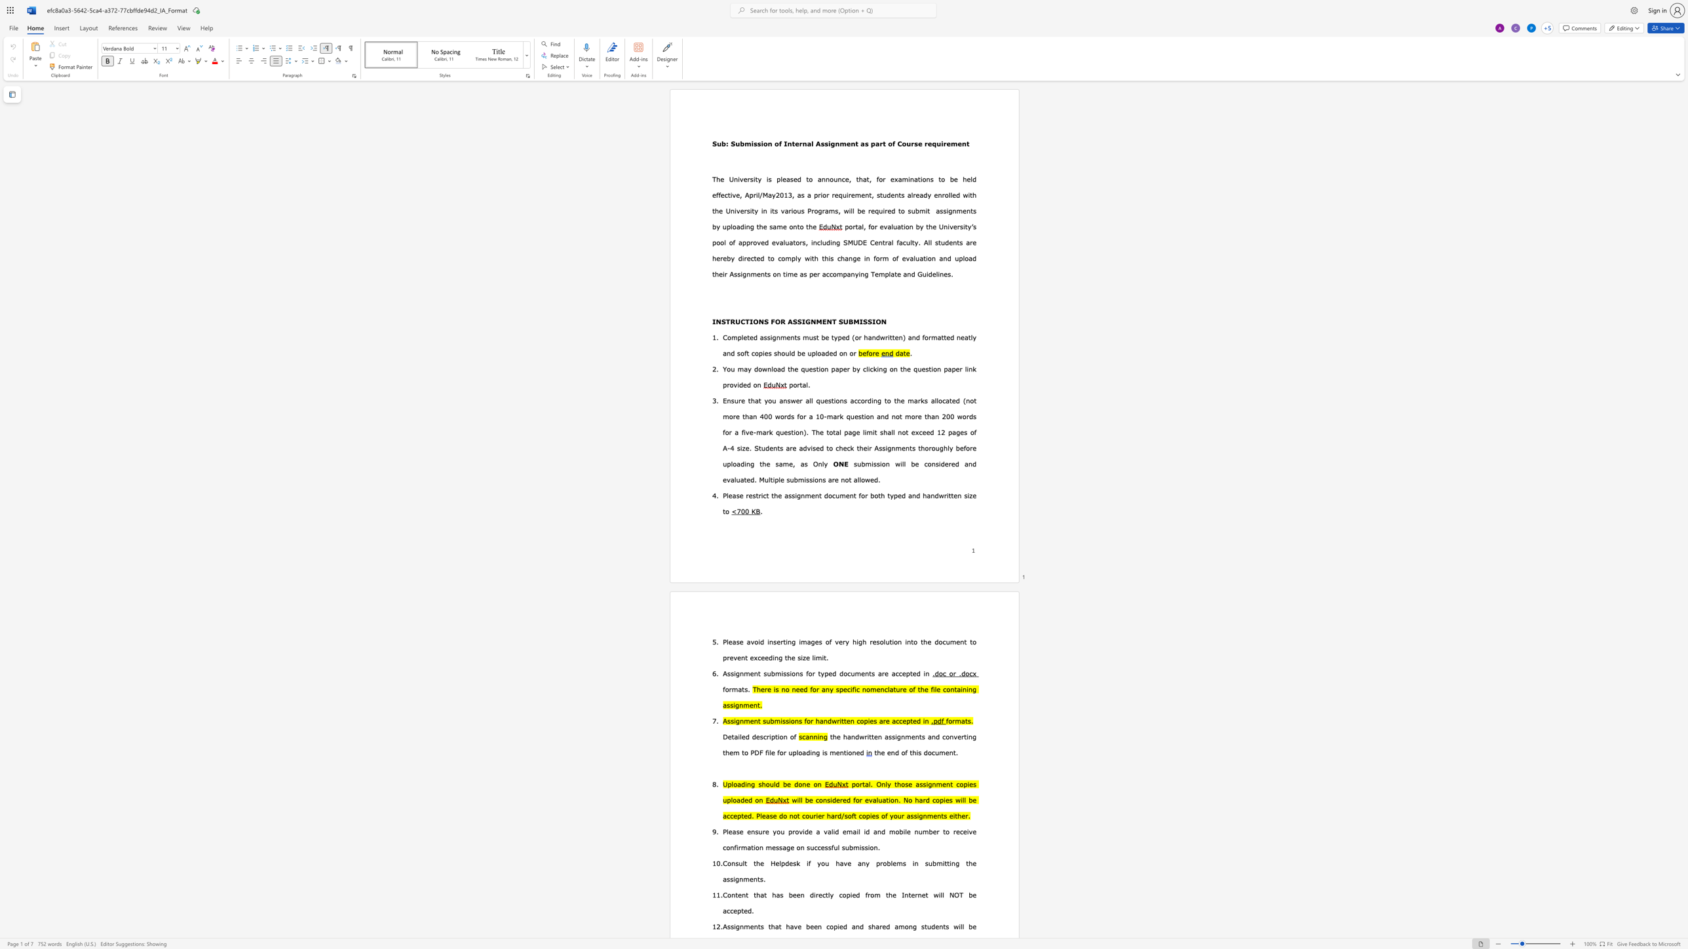 This screenshot has width=1688, height=949. What do you see at coordinates (970, 178) in the screenshot?
I see `the 1th character "l" in the text` at bounding box center [970, 178].